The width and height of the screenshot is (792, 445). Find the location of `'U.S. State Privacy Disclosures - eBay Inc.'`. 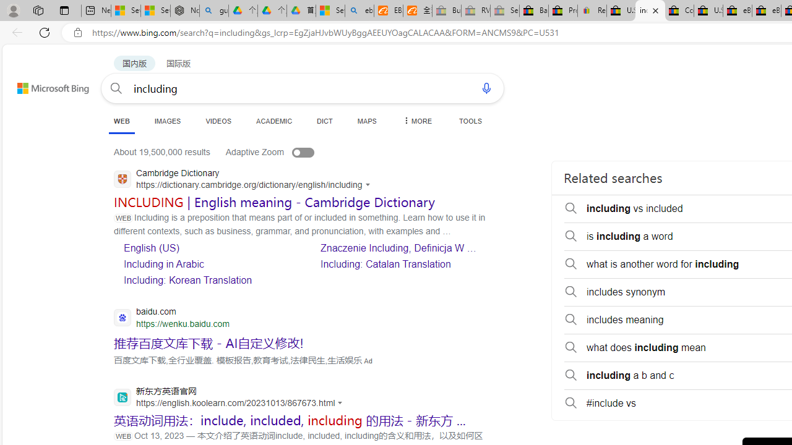

'U.S. State Privacy Disclosures - eBay Inc.' is located at coordinates (708, 11).